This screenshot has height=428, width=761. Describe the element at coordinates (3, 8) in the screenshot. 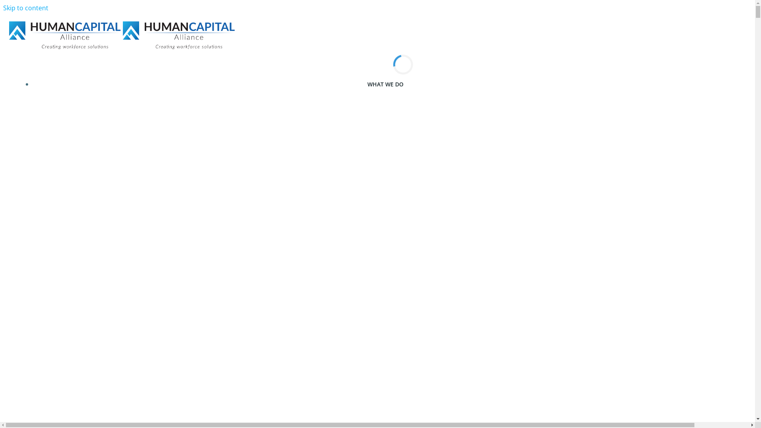

I see `'Skip to content'` at that location.